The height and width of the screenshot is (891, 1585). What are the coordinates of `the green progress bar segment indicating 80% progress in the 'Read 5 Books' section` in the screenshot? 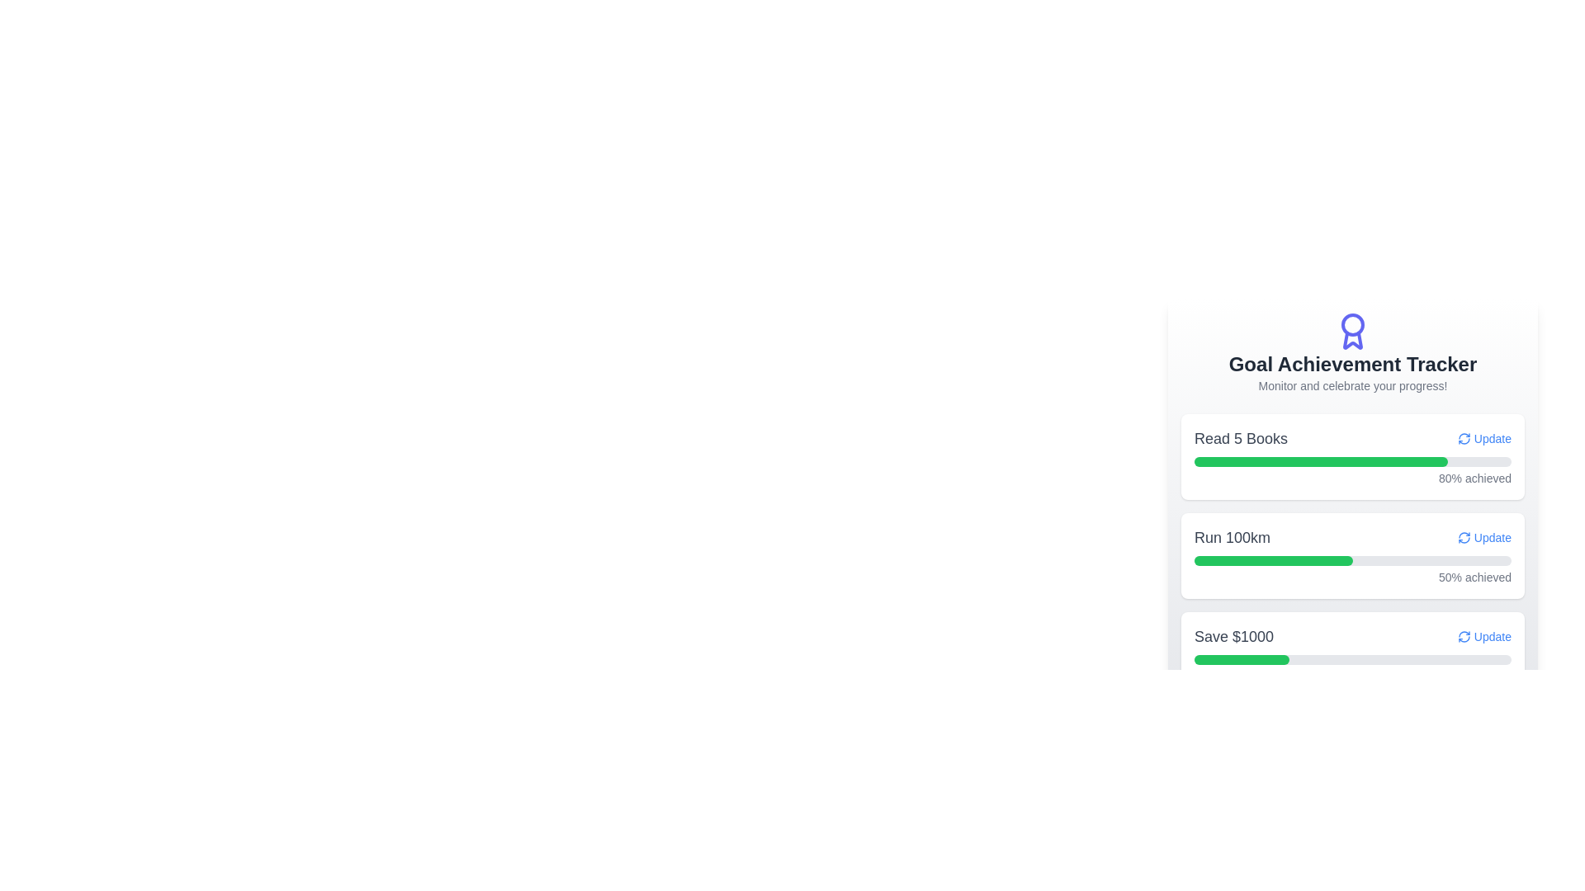 It's located at (1321, 461).